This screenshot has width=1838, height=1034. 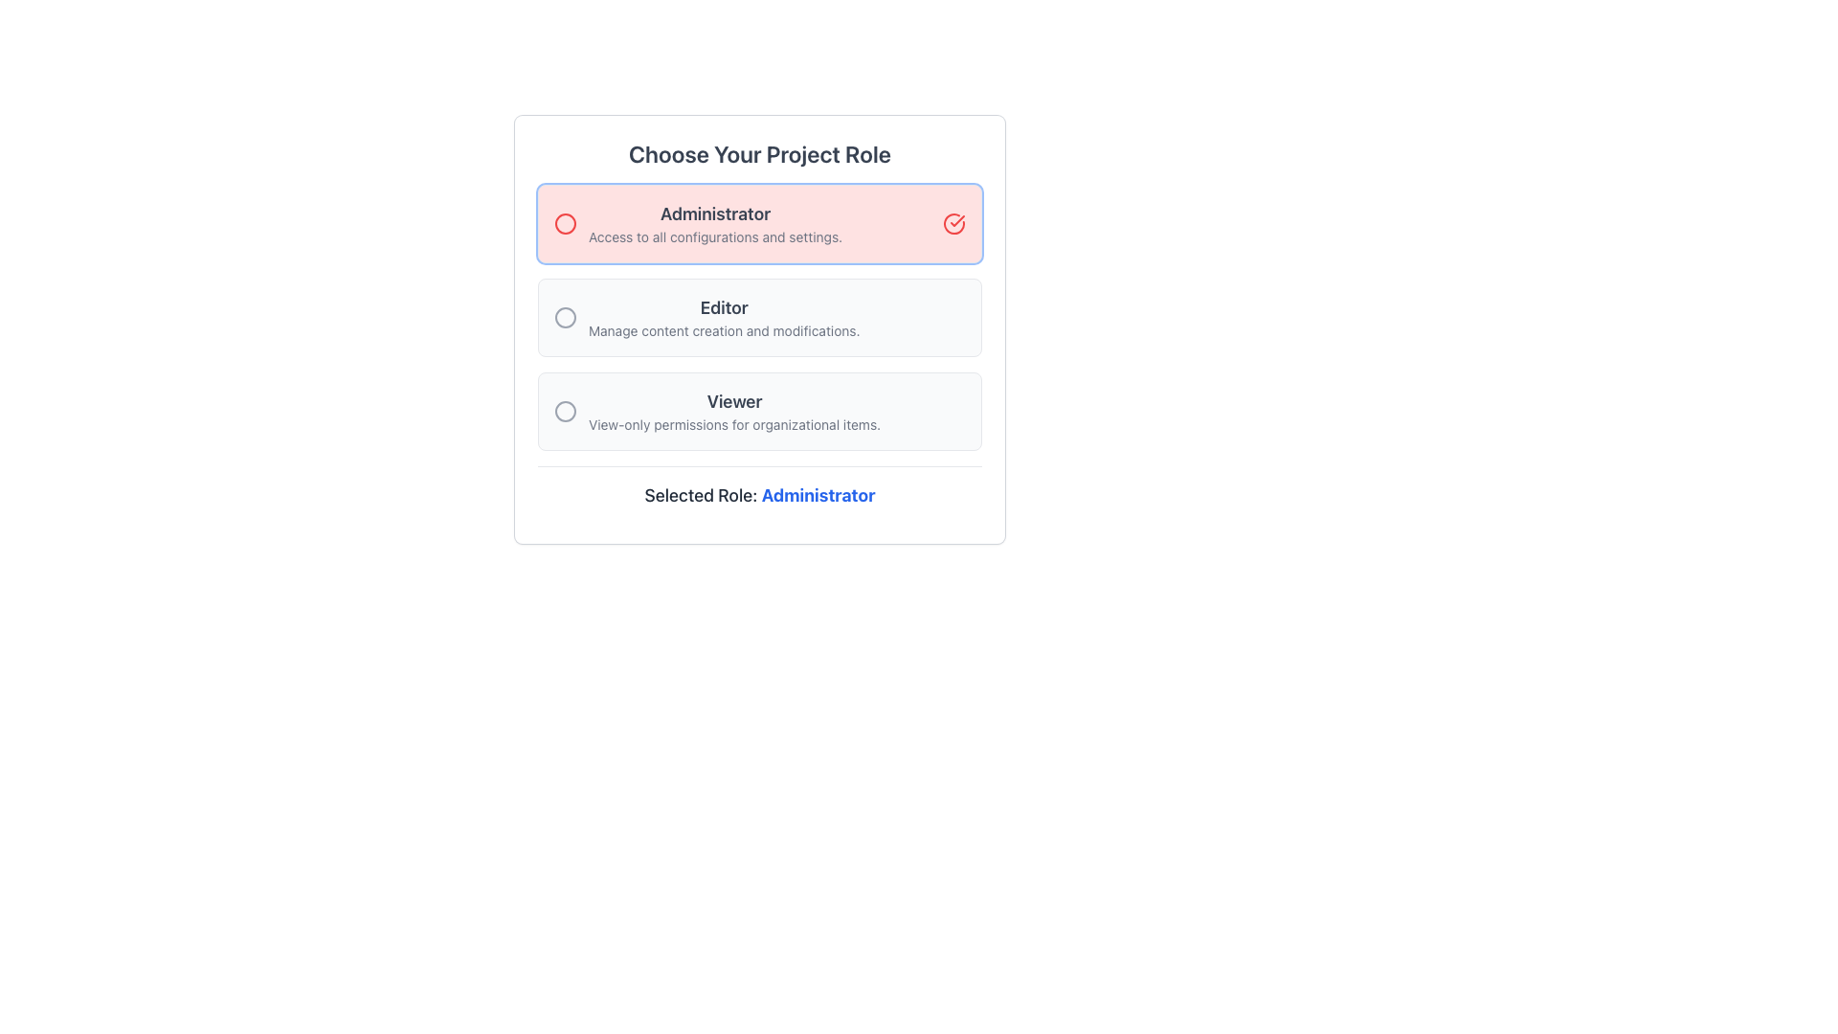 What do you see at coordinates (697, 223) in the screenshot?
I see `the Selectable Role Option labeled 'Administrator'` at bounding box center [697, 223].